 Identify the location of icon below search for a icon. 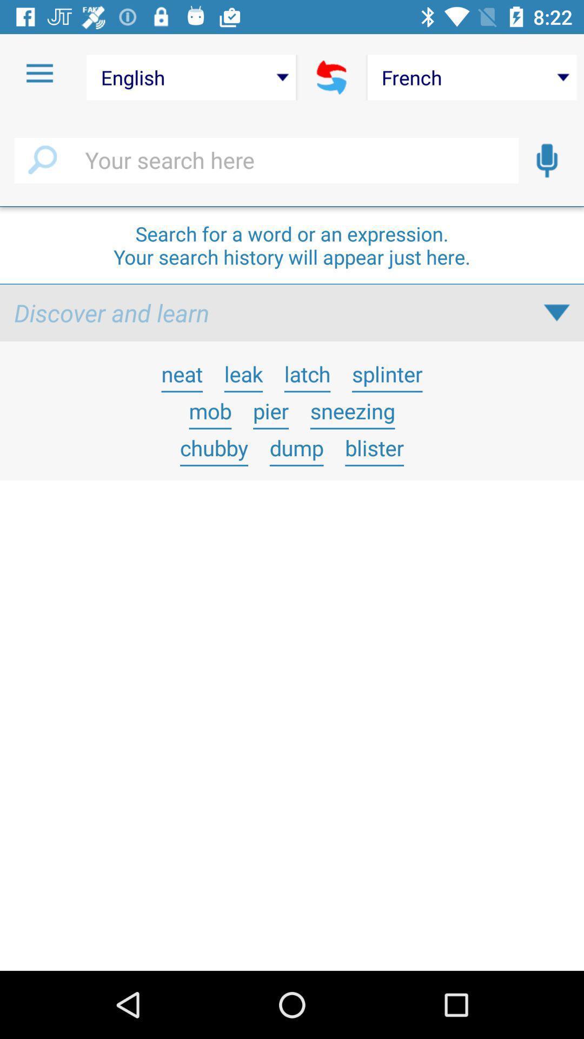
(111, 312).